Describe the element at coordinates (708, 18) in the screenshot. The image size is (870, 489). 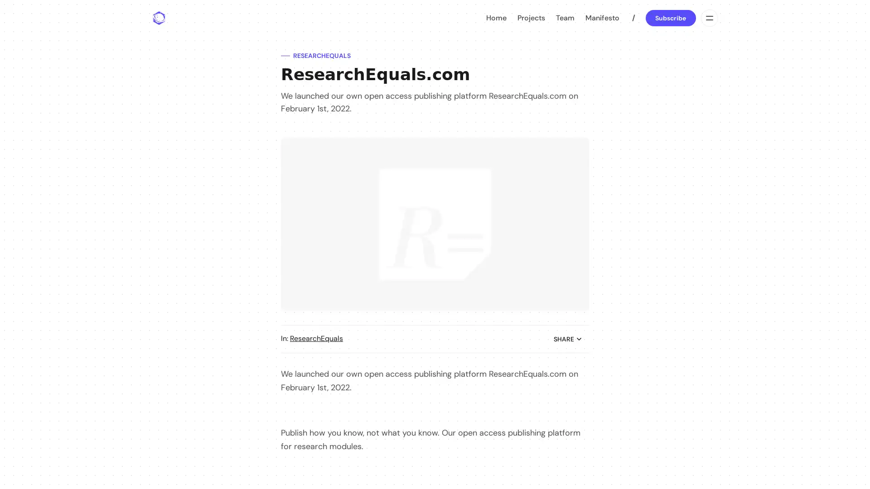
I see `Menu` at that location.